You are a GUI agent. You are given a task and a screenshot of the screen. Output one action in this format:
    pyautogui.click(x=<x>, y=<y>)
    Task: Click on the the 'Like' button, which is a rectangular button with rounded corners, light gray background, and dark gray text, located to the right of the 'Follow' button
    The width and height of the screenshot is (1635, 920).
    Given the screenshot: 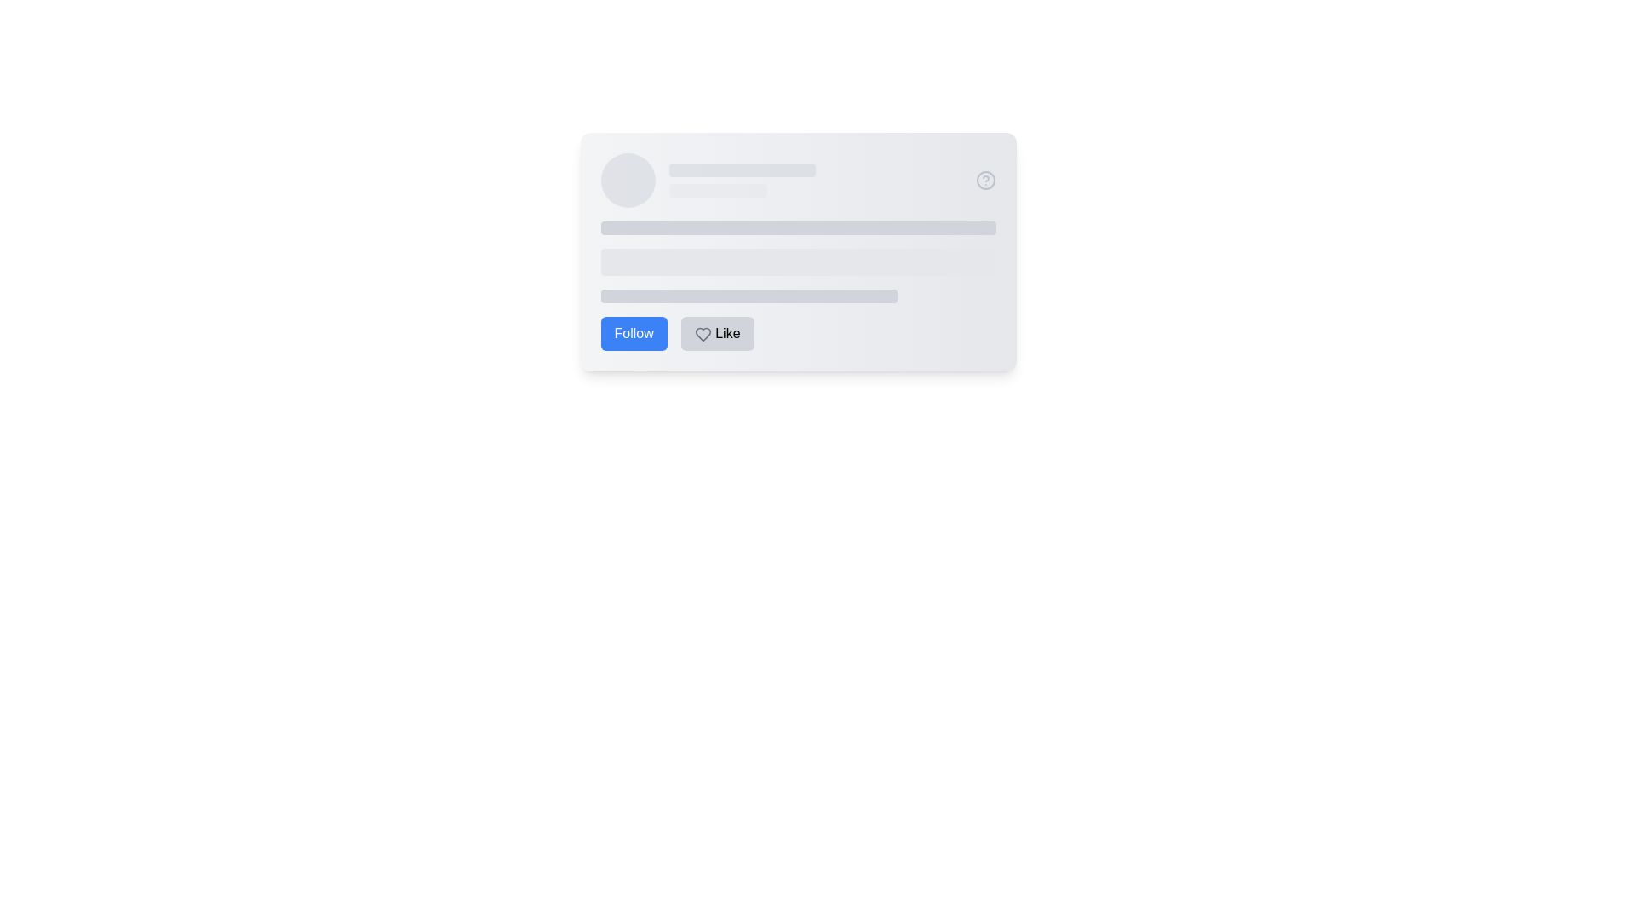 What is the action you would take?
    pyautogui.click(x=717, y=334)
    